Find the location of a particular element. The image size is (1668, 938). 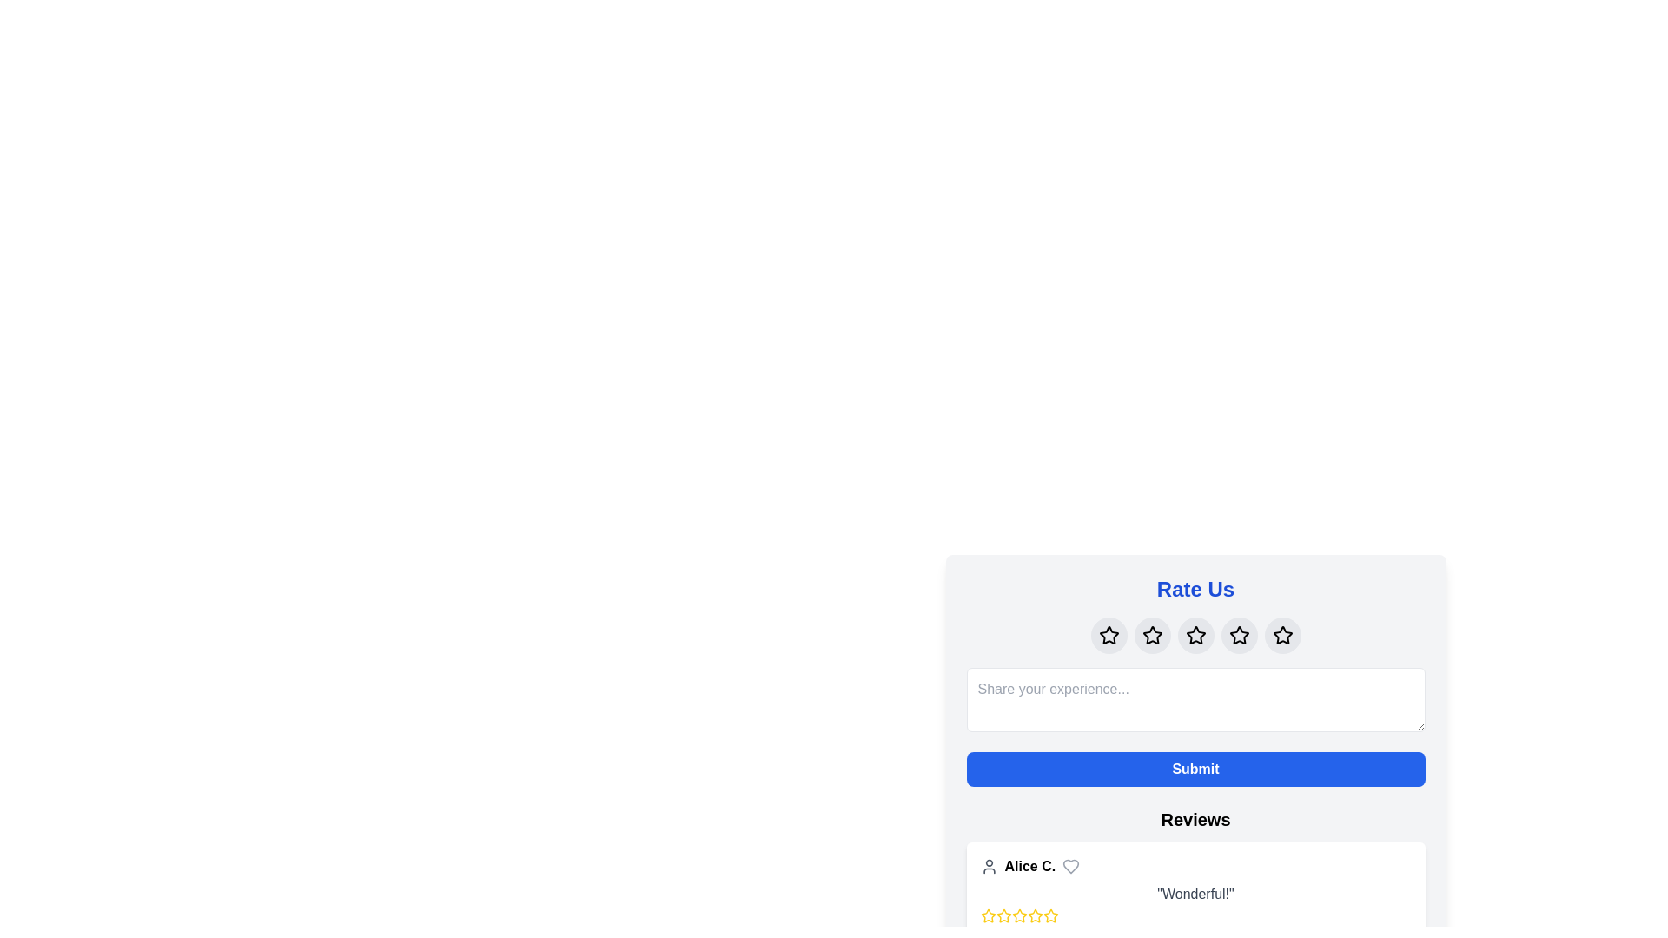

the fifth star-shaped rating icon located beneath the 'Rate Us' heading is located at coordinates (1238, 636).